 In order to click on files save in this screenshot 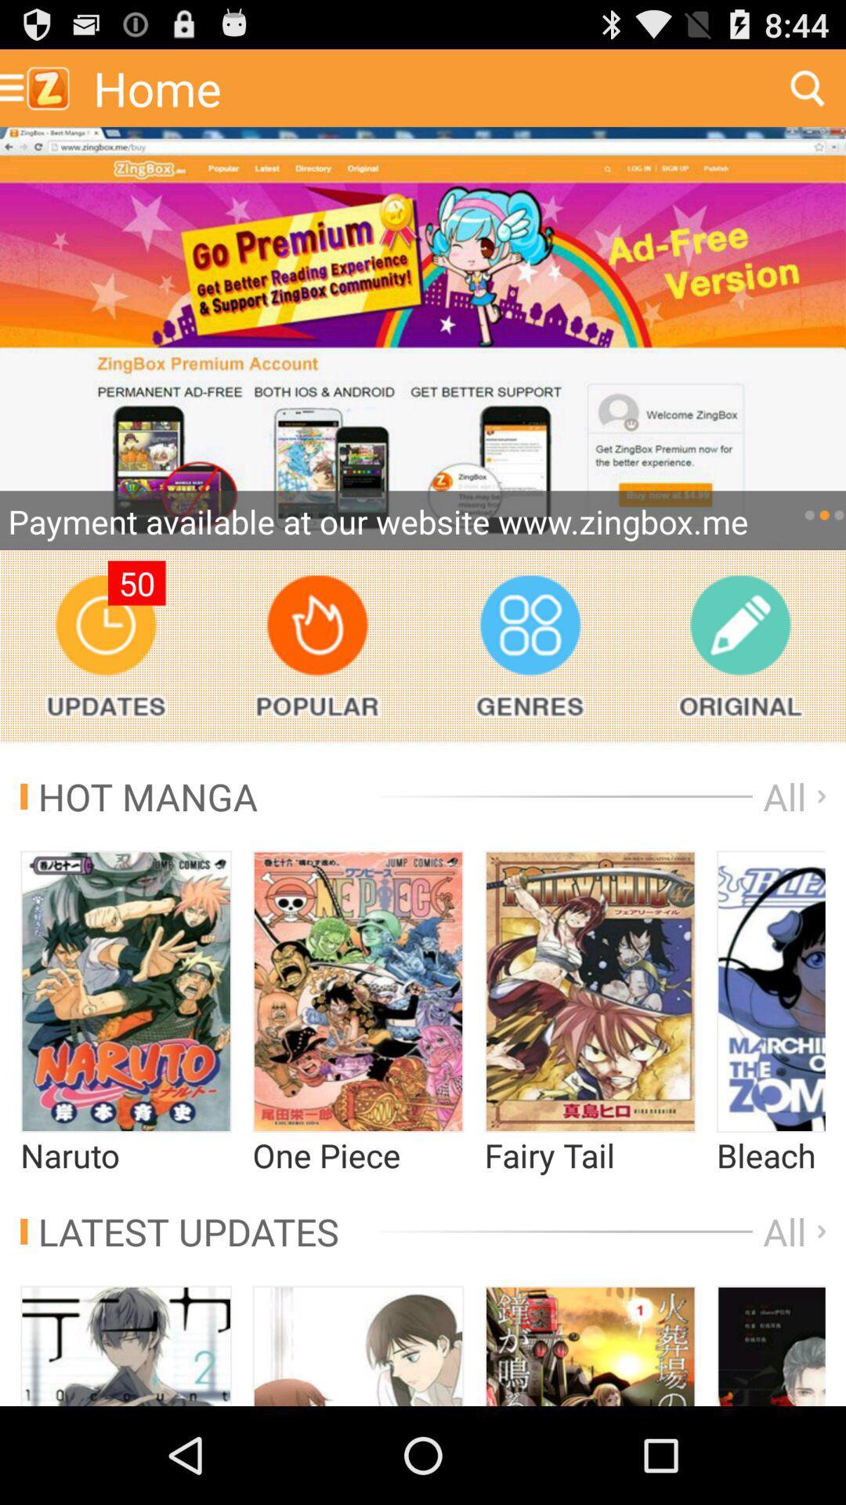, I will do `click(740, 646)`.